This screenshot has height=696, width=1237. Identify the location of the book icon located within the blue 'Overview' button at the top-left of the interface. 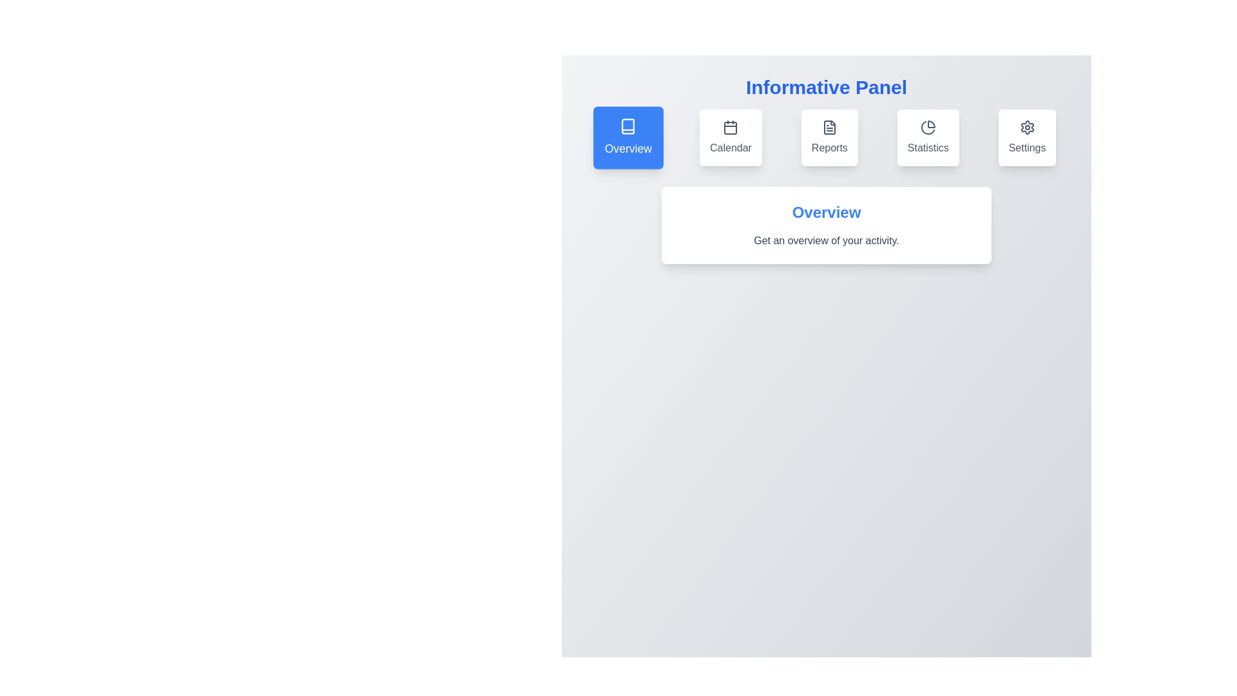
(628, 126).